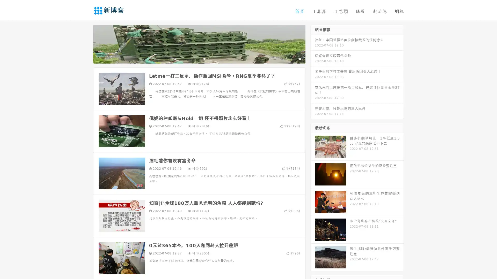 This screenshot has height=279, width=497. Describe the element at coordinates (194, 58) in the screenshot. I see `Go to slide 1` at that location.